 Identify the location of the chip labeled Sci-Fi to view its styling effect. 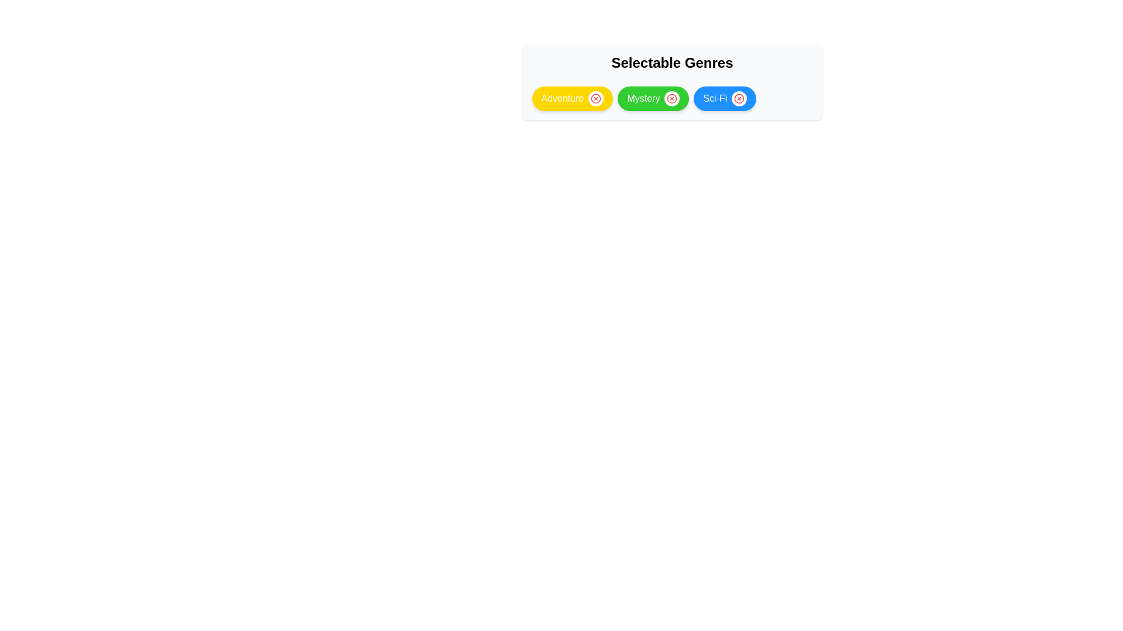
(724, 98).